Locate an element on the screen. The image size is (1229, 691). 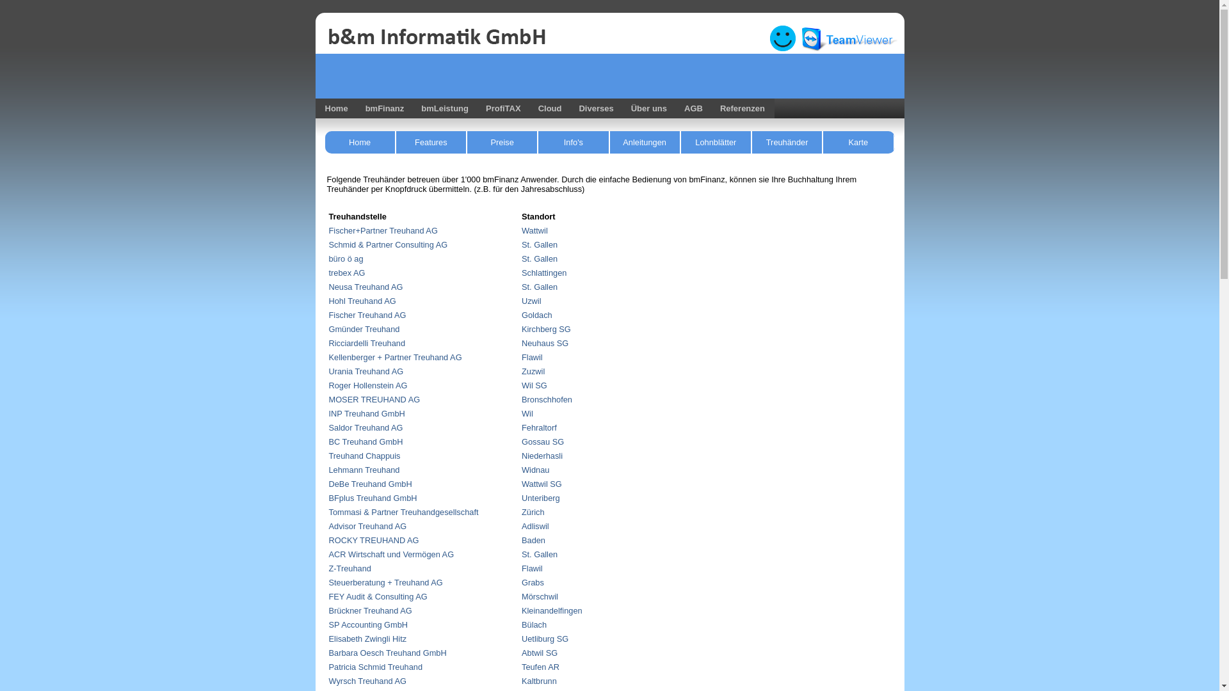
'Schlattingen' is located at coordinates (543, 272).